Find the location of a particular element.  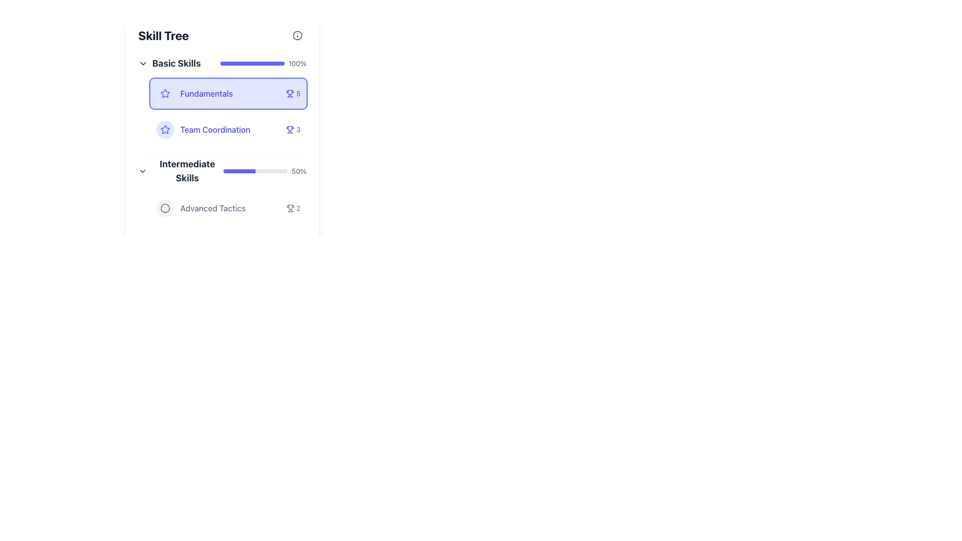

the Text with Icon Pair indicating a count or statistic related to the 'Advanced Tactics' skill, positioned at the far-right side of the row in the 'Intermediate Skills' section is located at coordinates (293, 208).